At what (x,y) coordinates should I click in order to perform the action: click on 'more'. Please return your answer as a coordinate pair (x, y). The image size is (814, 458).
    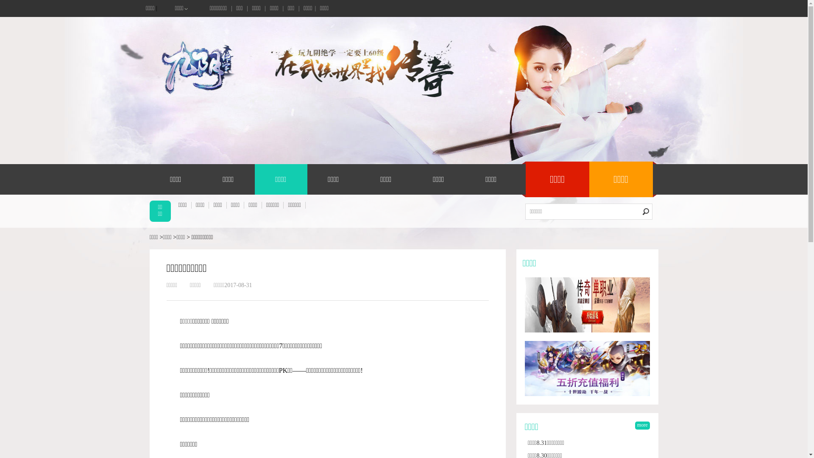
    Looking at the image, I should click on (642, 425).